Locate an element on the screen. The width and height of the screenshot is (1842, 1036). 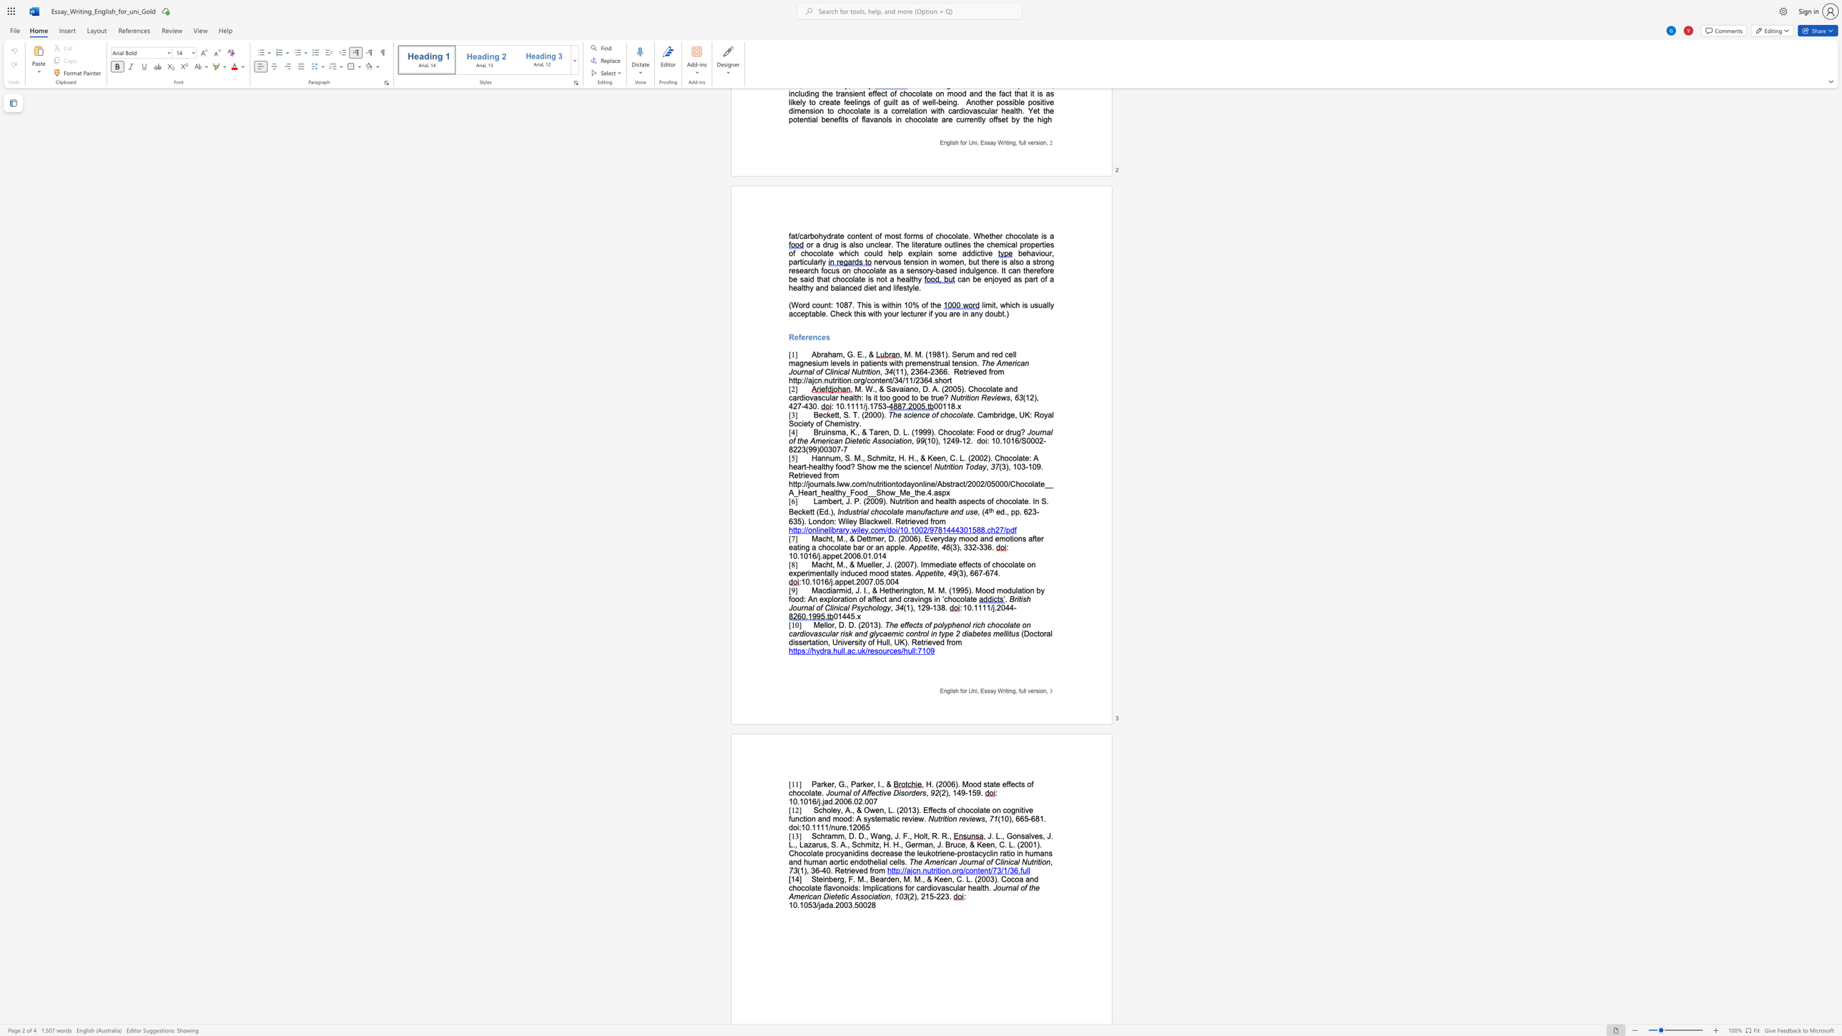
the subset text "rition re" within the text "Nutrition reviews" is located at coordinates (940, 818).